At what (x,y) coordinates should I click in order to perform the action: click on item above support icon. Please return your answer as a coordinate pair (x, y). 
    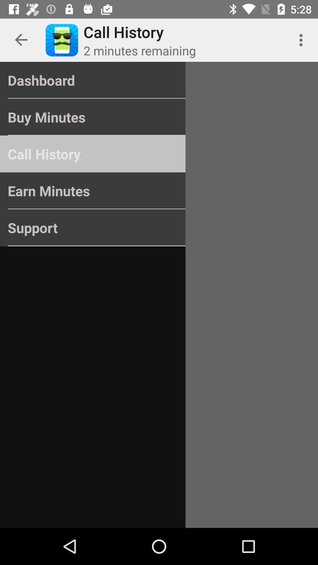
    Looking at the image, I should click on (93, 191).